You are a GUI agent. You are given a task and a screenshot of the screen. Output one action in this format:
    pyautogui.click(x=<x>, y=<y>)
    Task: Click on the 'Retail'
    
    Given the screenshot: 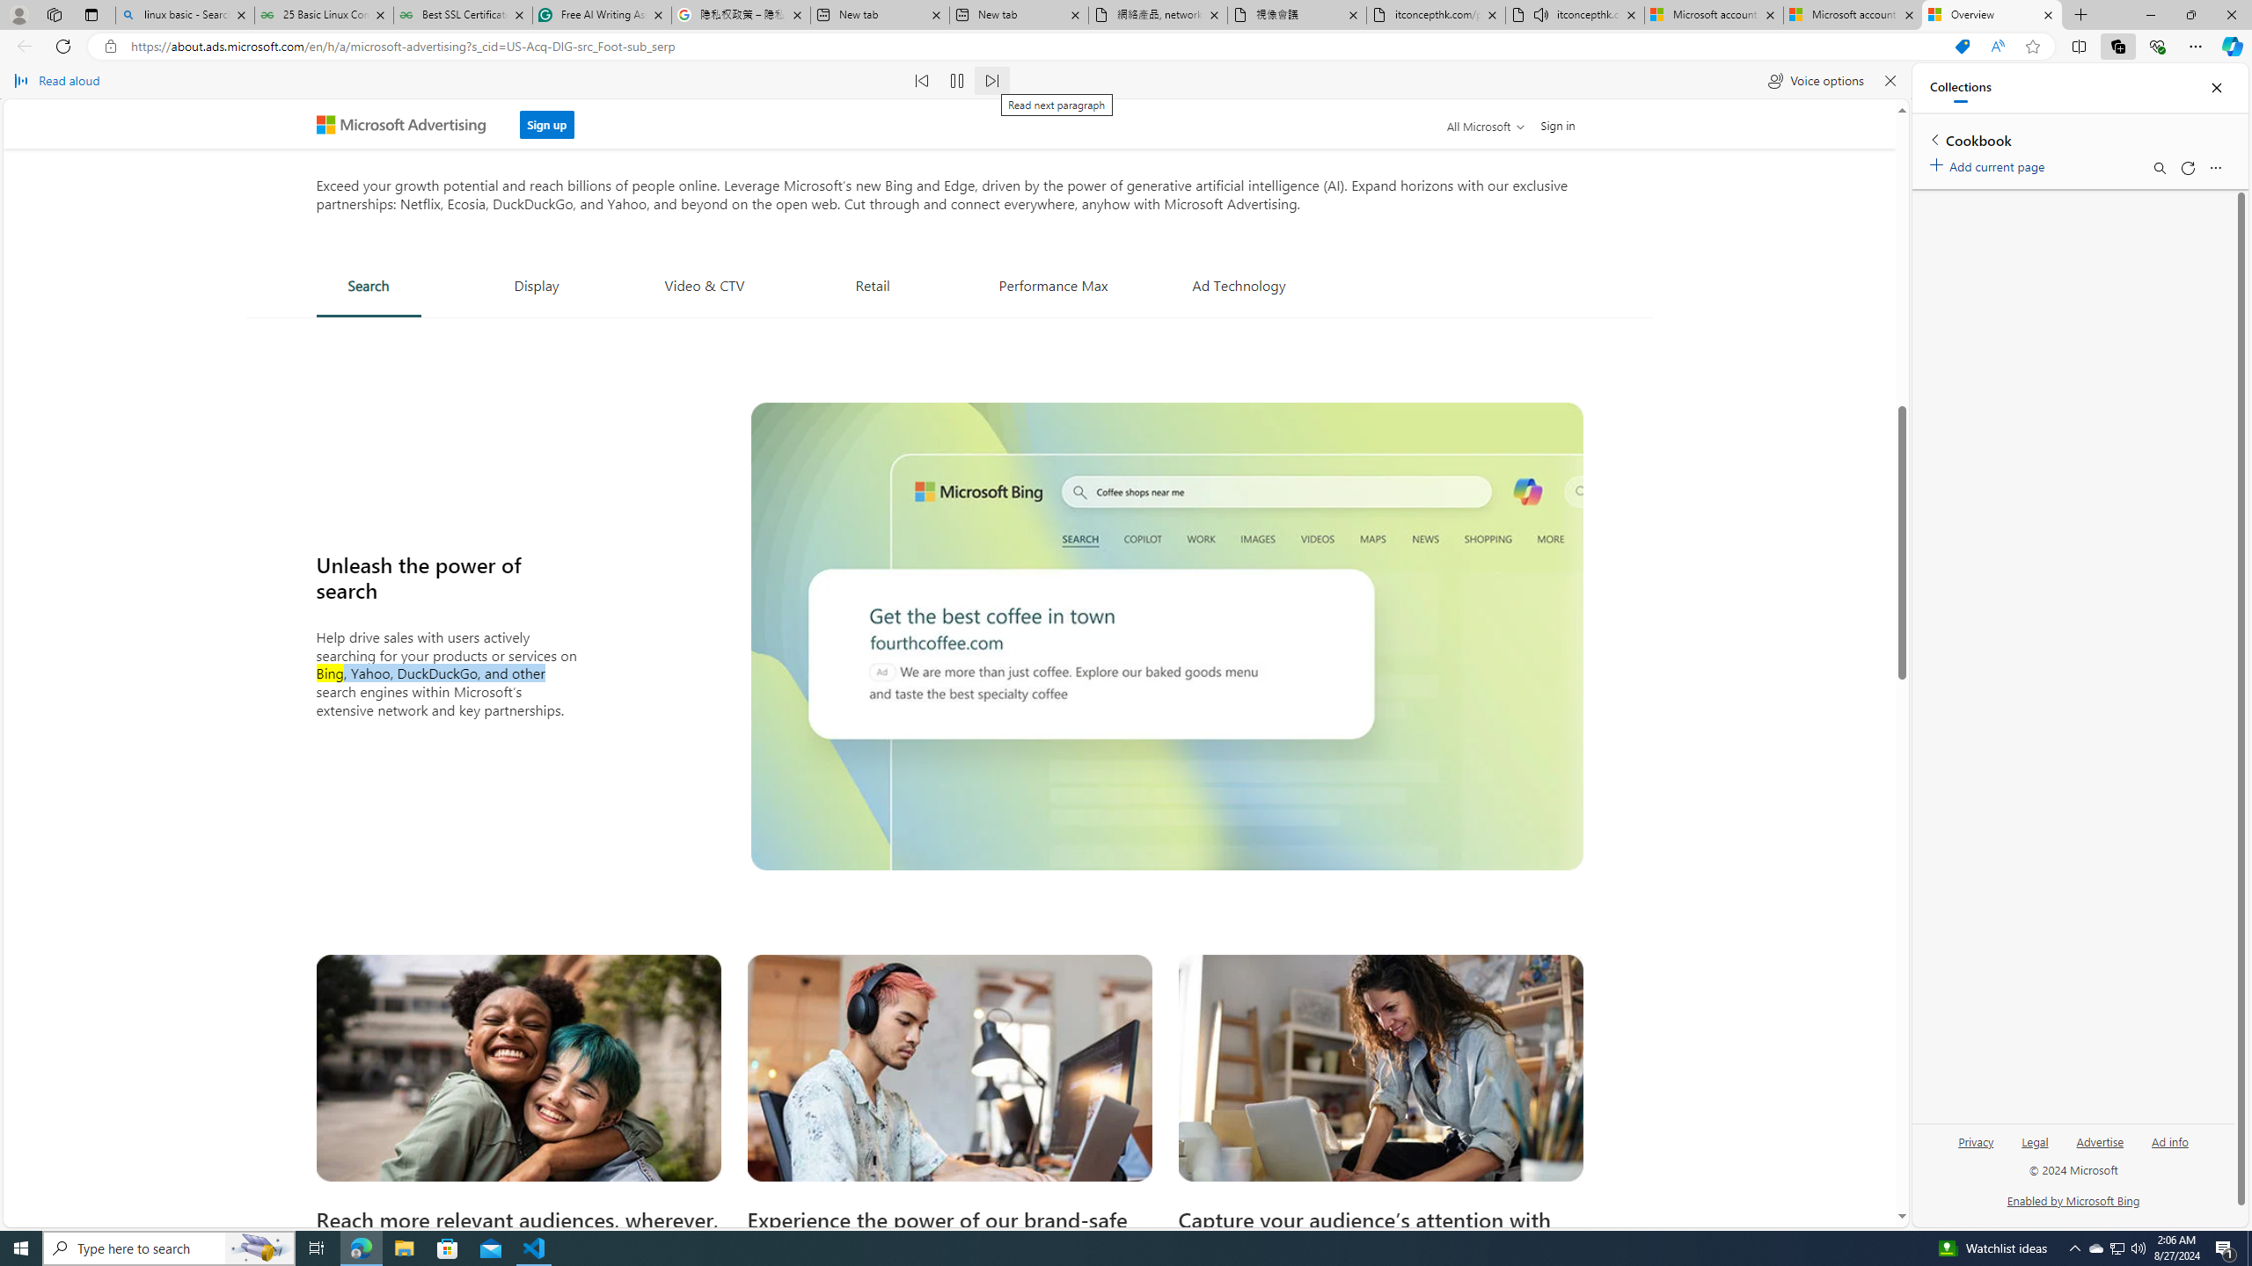 What is the action you would take?
    pyautogui.click(x=872, y=284)
    